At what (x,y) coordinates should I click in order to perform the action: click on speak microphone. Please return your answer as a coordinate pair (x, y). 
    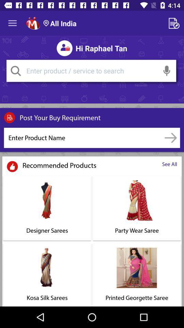
    Looking at the image, I should click on (166, 71).